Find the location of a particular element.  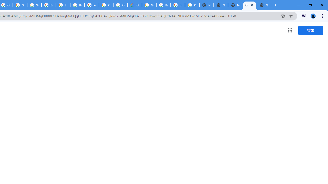

'New Tab' is located at coordinates (264, 5).